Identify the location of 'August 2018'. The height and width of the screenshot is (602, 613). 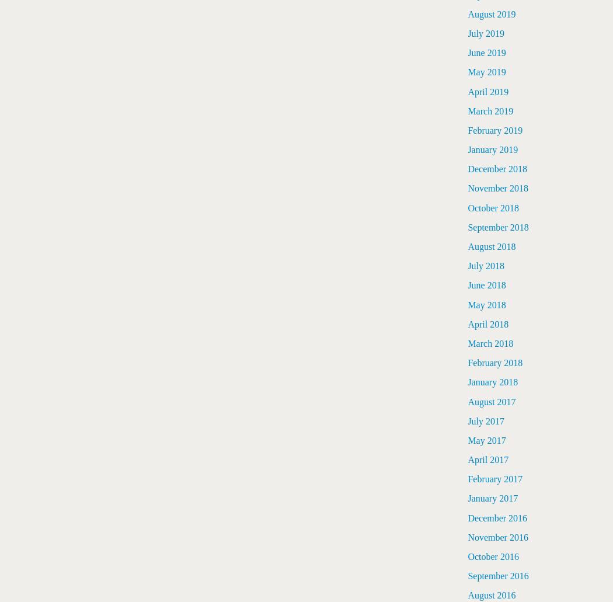
(467, 246).